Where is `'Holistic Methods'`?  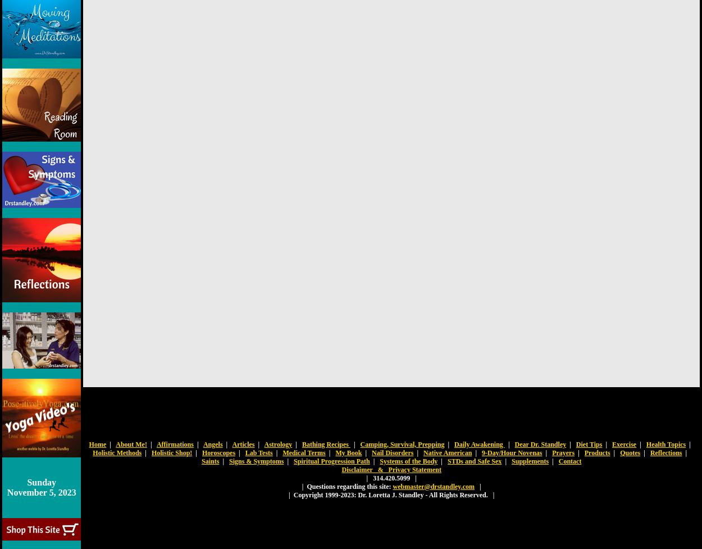
'Holistic Methods' is located at coordinates (93, 452).